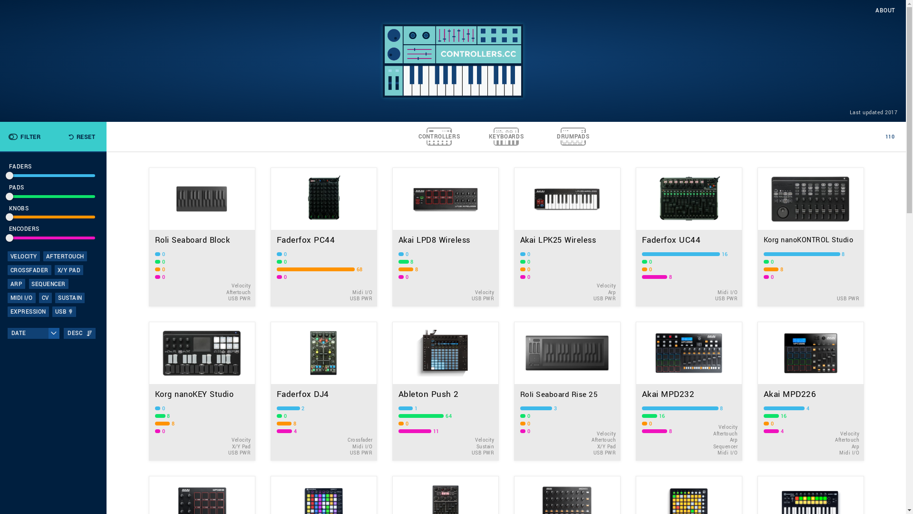 Image resolution: width=913 pixels, height=514 pixels. I want to click on 'ARP', so click(16, 283).